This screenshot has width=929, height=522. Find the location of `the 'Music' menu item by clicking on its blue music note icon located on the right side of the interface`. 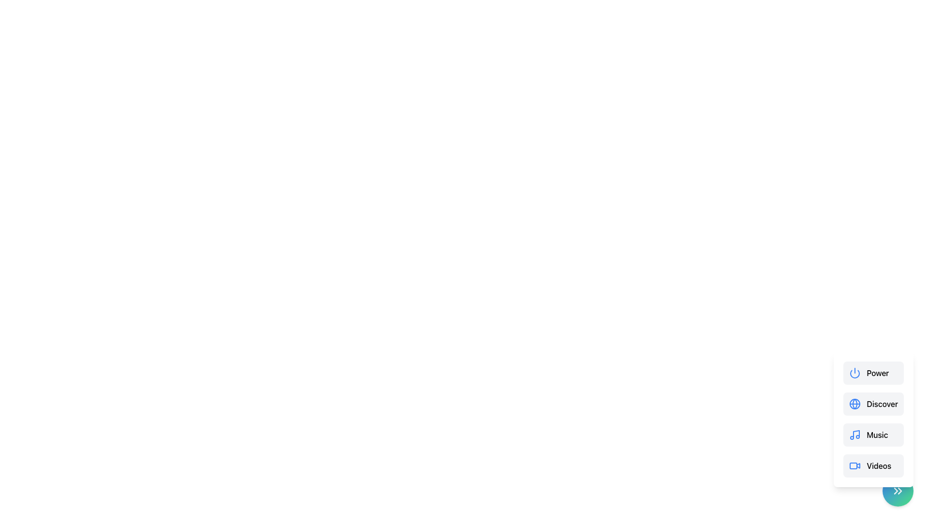

the 'Music' menu item by clicking on its blue music note icon located on the right side of the interface is located at coordinates (855, 434).